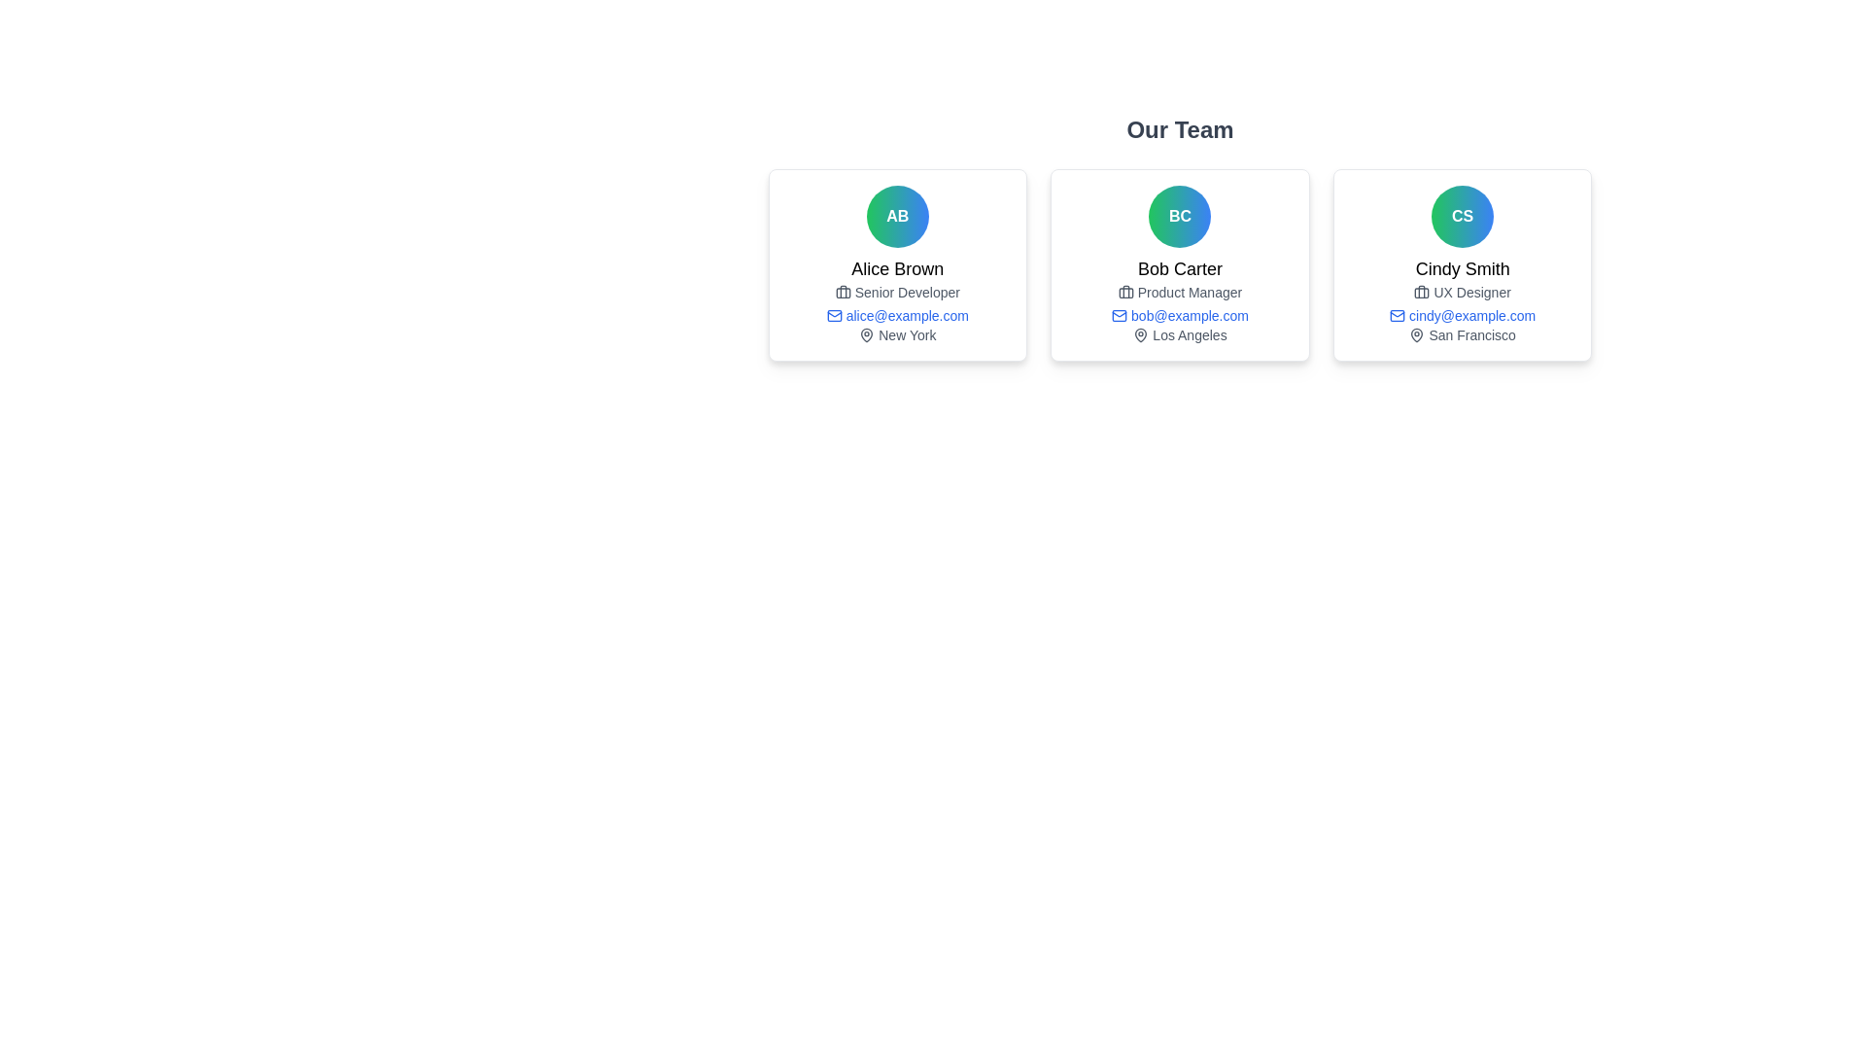  Describe the element at coordinates (1179, 217) in the screenshot. I see `the Avatar icon representing Bob Carter, which is positioned at the top center of the card displaying his information` at that location.